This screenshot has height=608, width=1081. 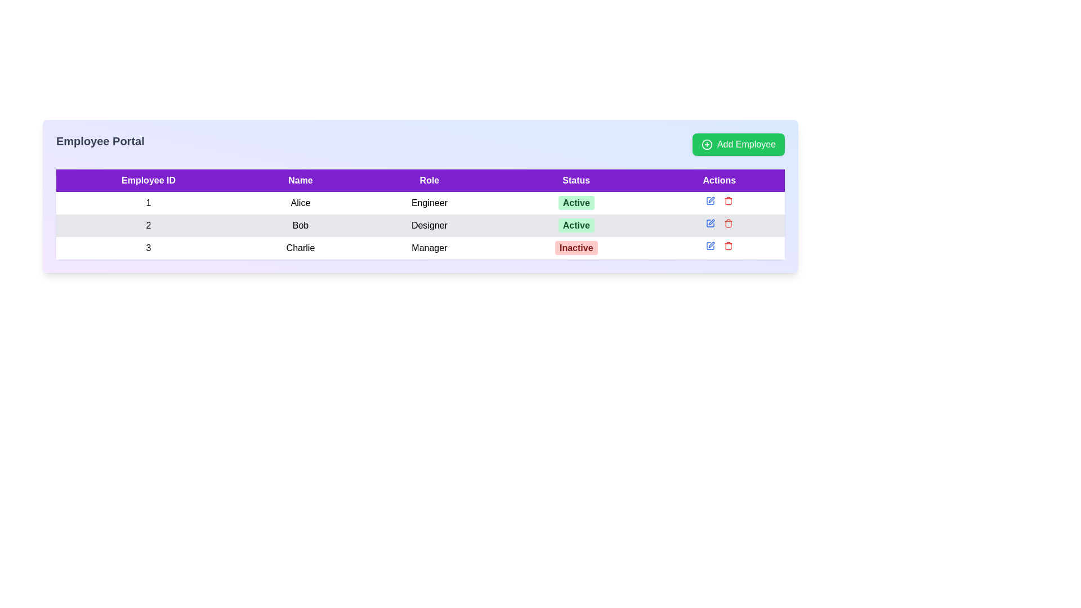 I want to click on the Button with a pen icon in the 'Actions' column of the table's second row for employee 'Bob' to enhance accessibility, so click(x=709, y=223).